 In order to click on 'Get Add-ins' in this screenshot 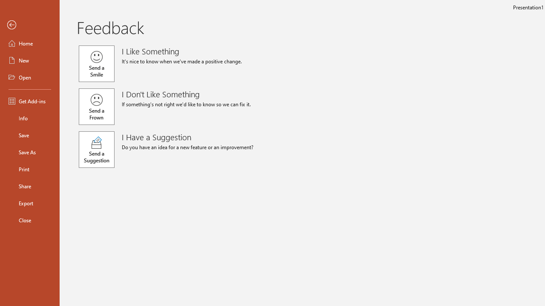, I will do `click(29, 100)`.